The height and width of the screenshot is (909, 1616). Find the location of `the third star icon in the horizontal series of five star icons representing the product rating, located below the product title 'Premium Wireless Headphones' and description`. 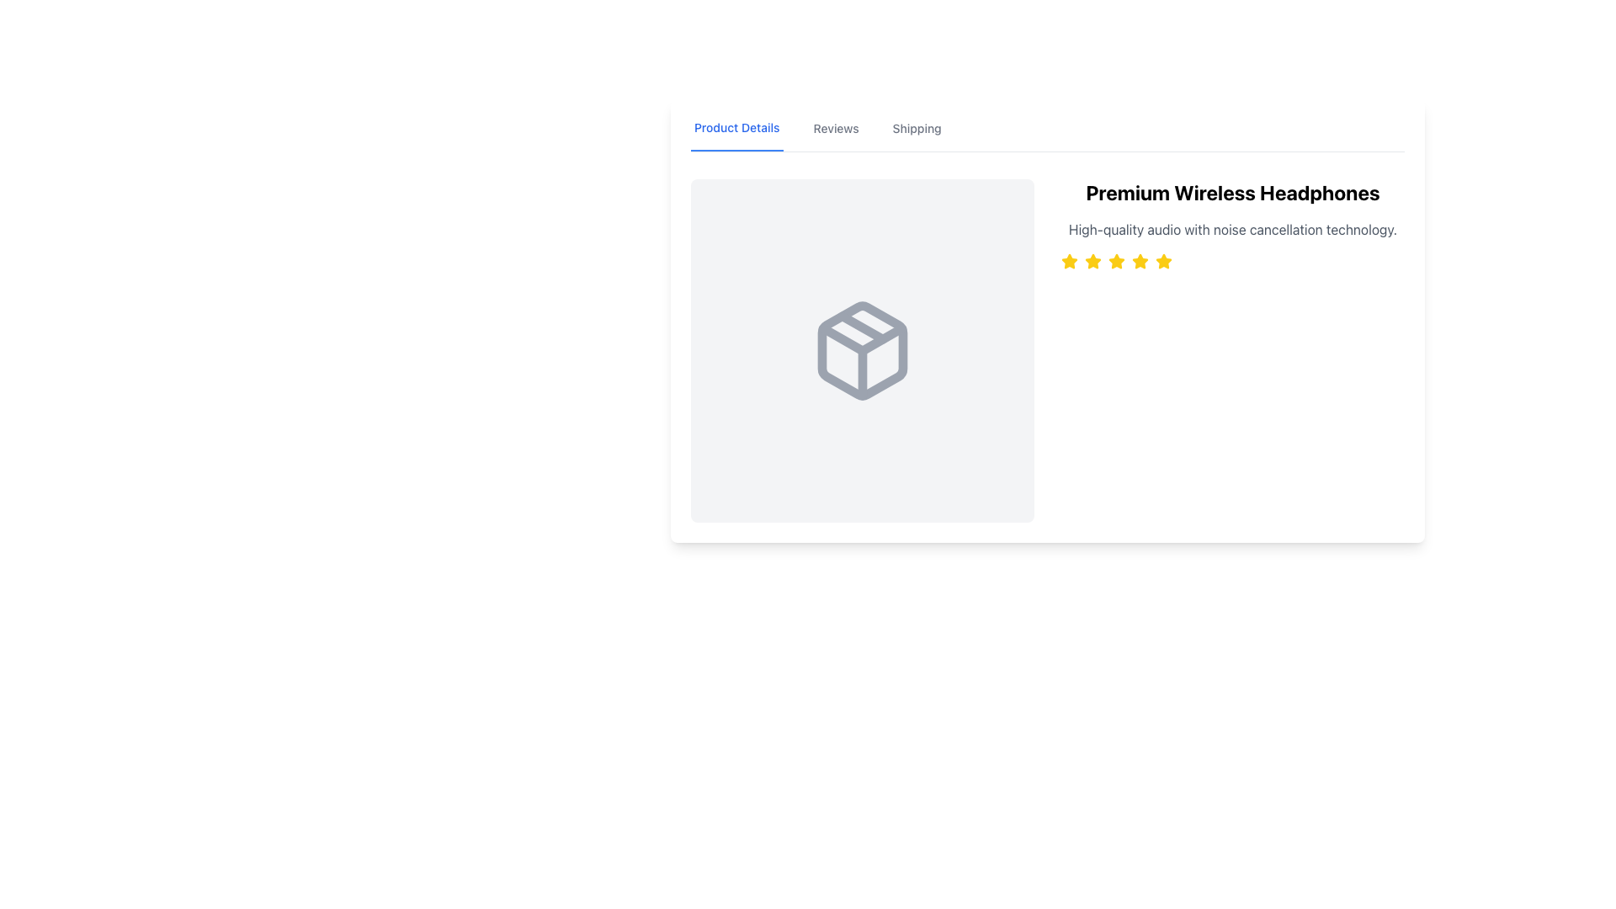

the third star icon in the horizontal series of five star icons representing the product rating, located below the product title 'Premium Wireless Headphones' and description is located at coordinates (1093, 262).